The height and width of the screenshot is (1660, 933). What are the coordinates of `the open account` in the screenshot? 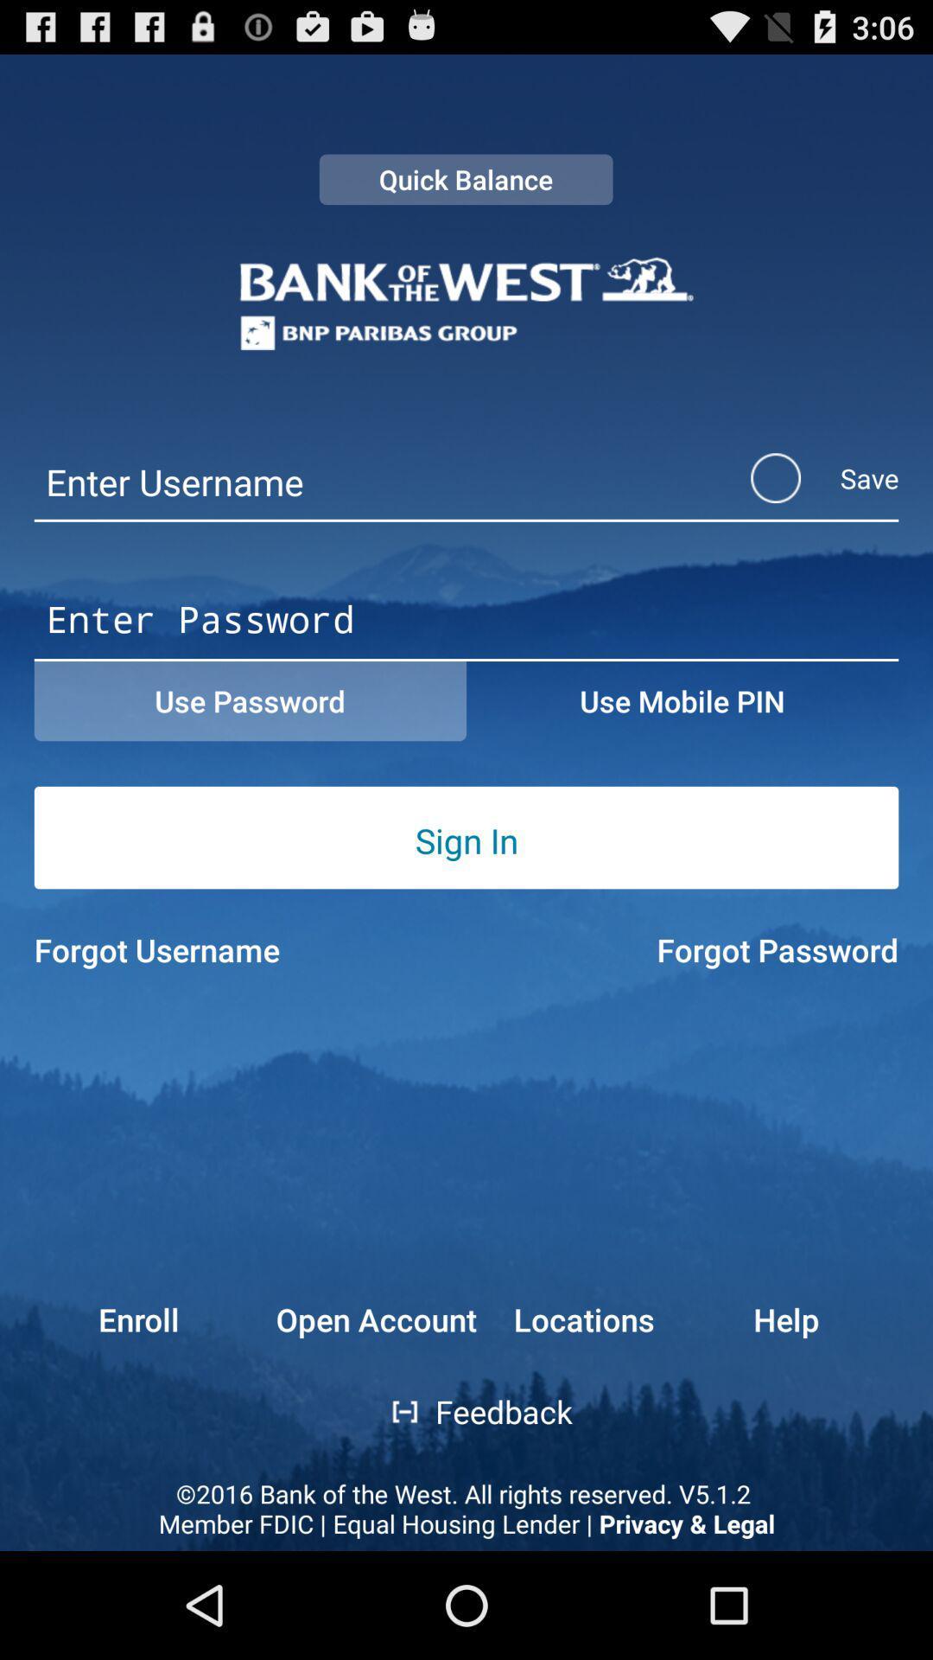 It's located at (375, 1318).